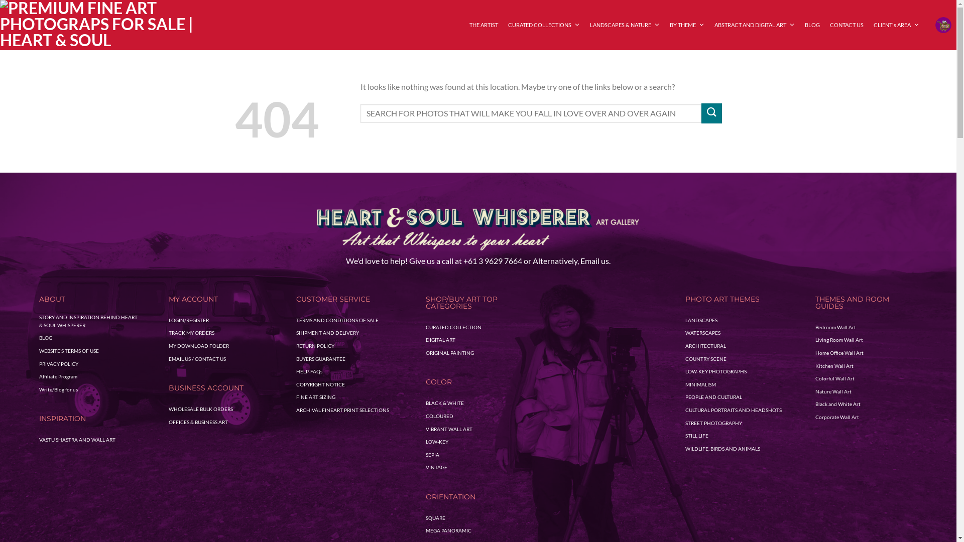  What do you see at coordinates (715, 371) in the screenshot?
I see `'LOW-KEY PHOTOGRAPHS'` at bounding box center [715, 371].